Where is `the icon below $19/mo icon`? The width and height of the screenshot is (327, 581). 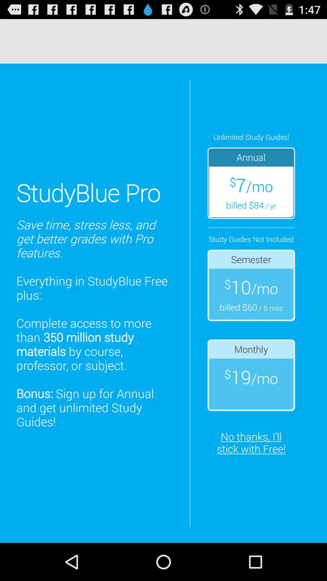
the icon below $19/mo icon is located at coordinates (251, 442).